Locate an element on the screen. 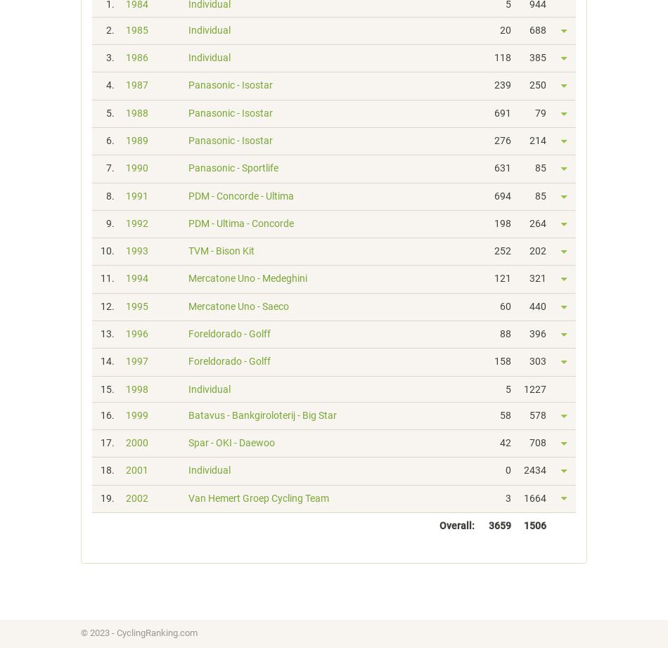  '3659' is located at coordinates (499, 524).